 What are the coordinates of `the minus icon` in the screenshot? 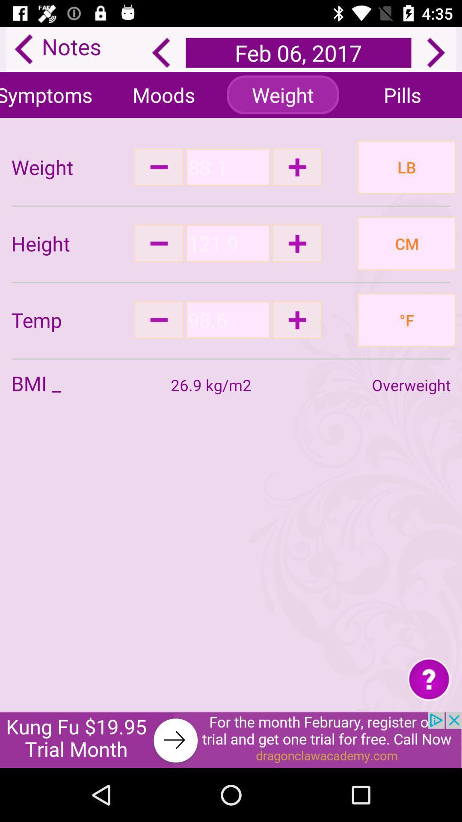 It's located at (159, 167).